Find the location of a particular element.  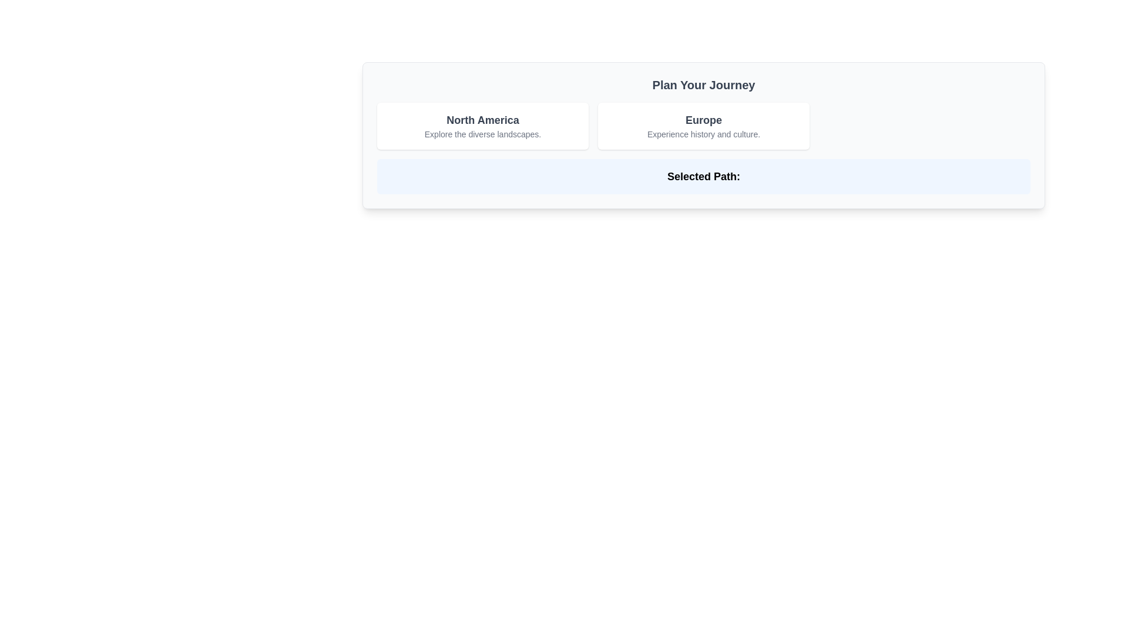

the second card component in the grid layout is located at coordinates (704, 126).